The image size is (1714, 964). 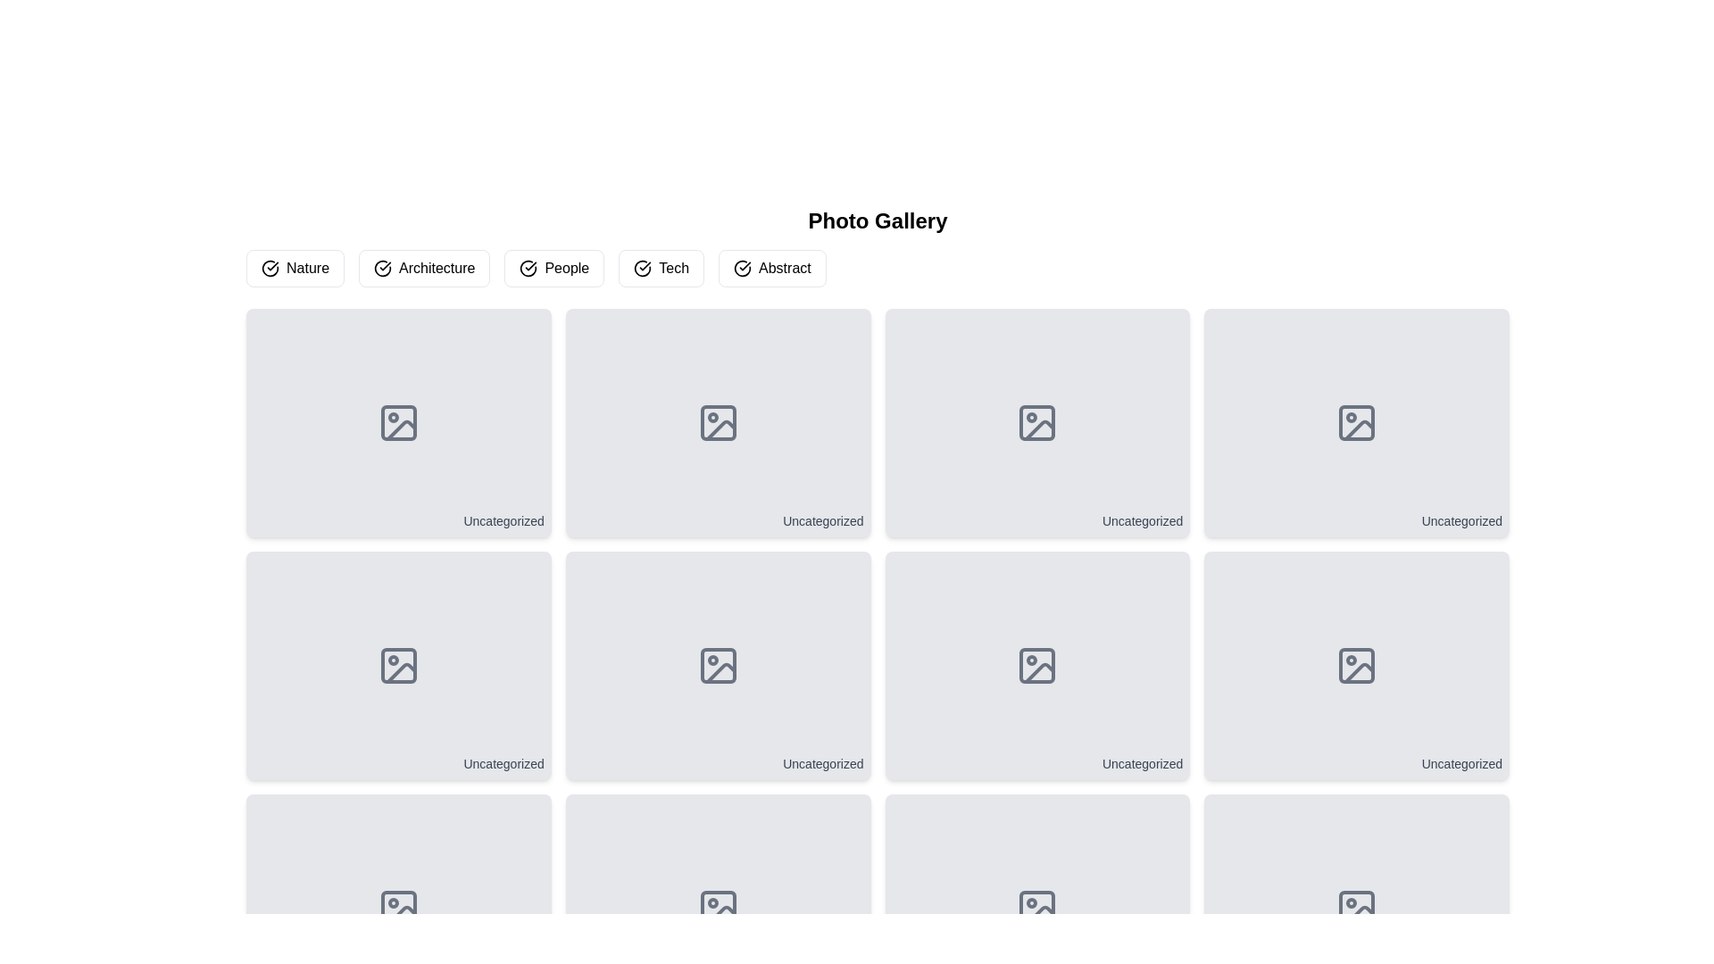 I want to click on the 'Nature' button, which is the first in a set of horizontally aligned buttons with a white background and a dark circular checkmark icon, so click(x=295, y=268).